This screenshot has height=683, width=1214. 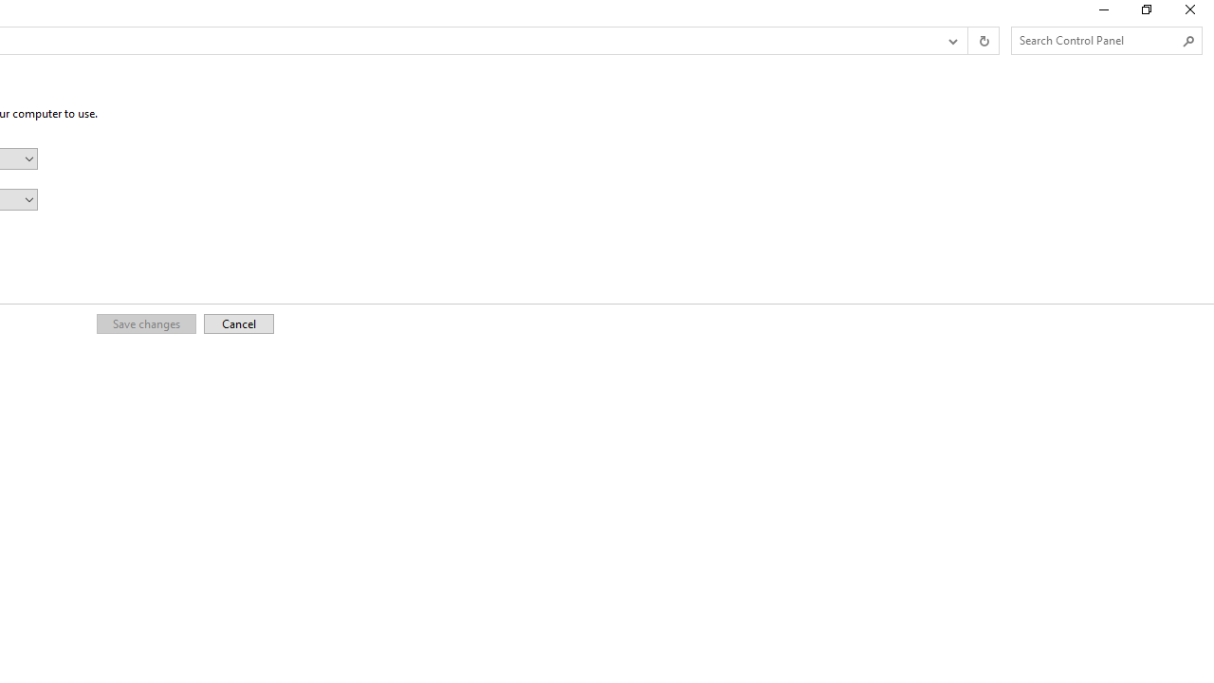 What do you see at coordinates (983, 41) in the screenshot?
I see `'Refresh "Edit Plan Settings" (F5)'` at bounding box center [983, 41].